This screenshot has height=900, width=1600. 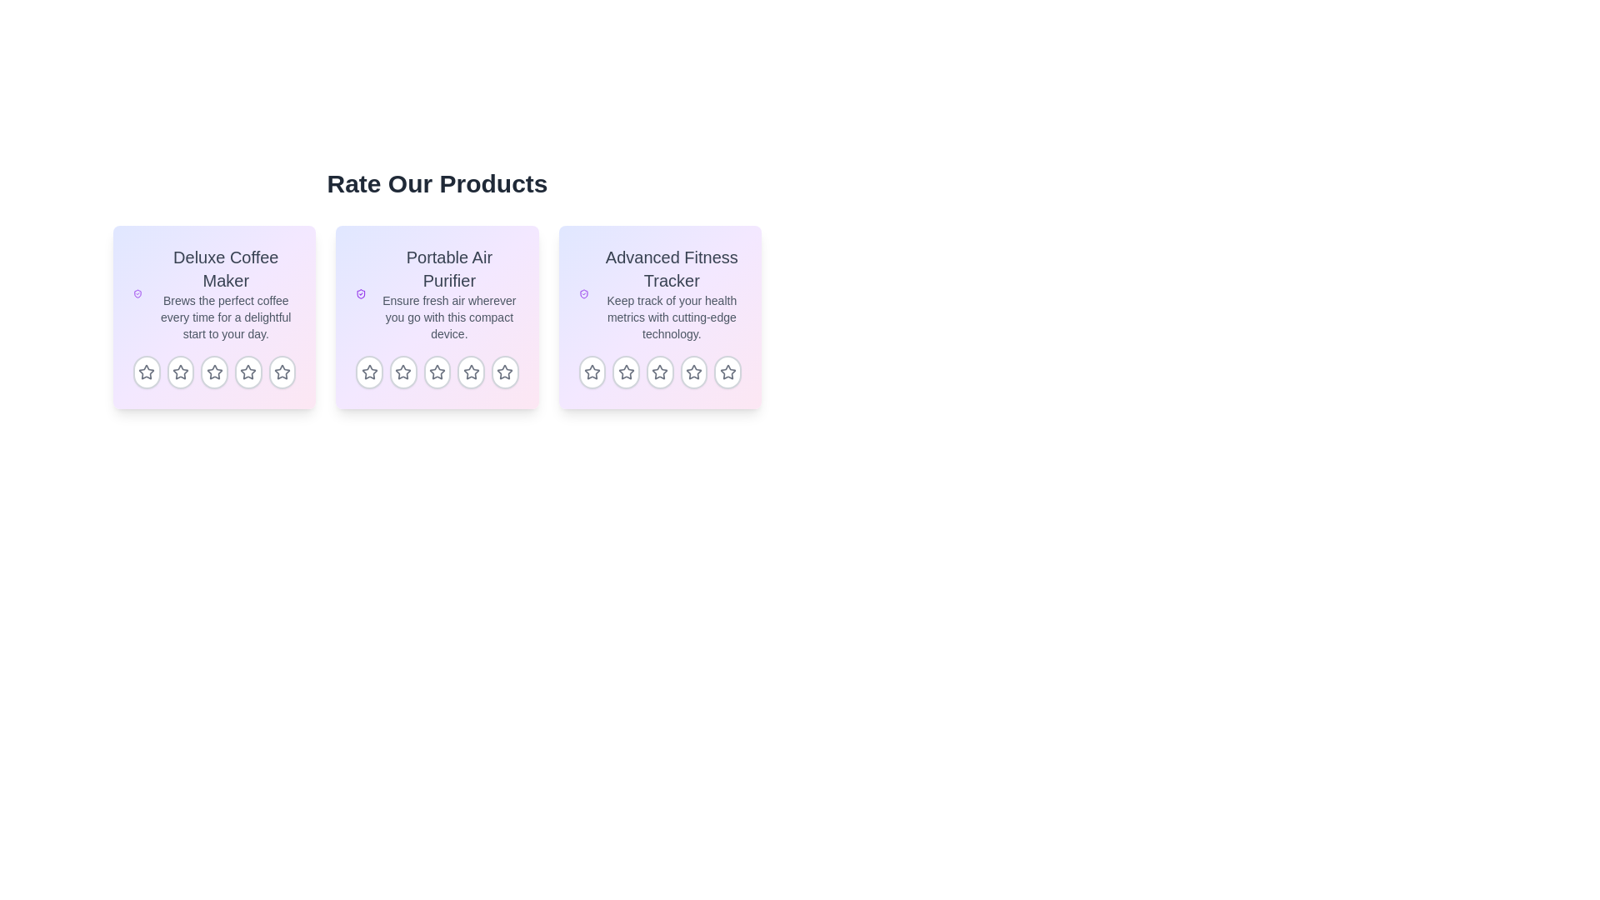 What do you see at coordinates (659, 371) in the screenshot?
I see `the fourth star icon from the left in the row of five stars below the product description panel for 'Advanced Fitness Tracker'` at bounding box center [659, 371].